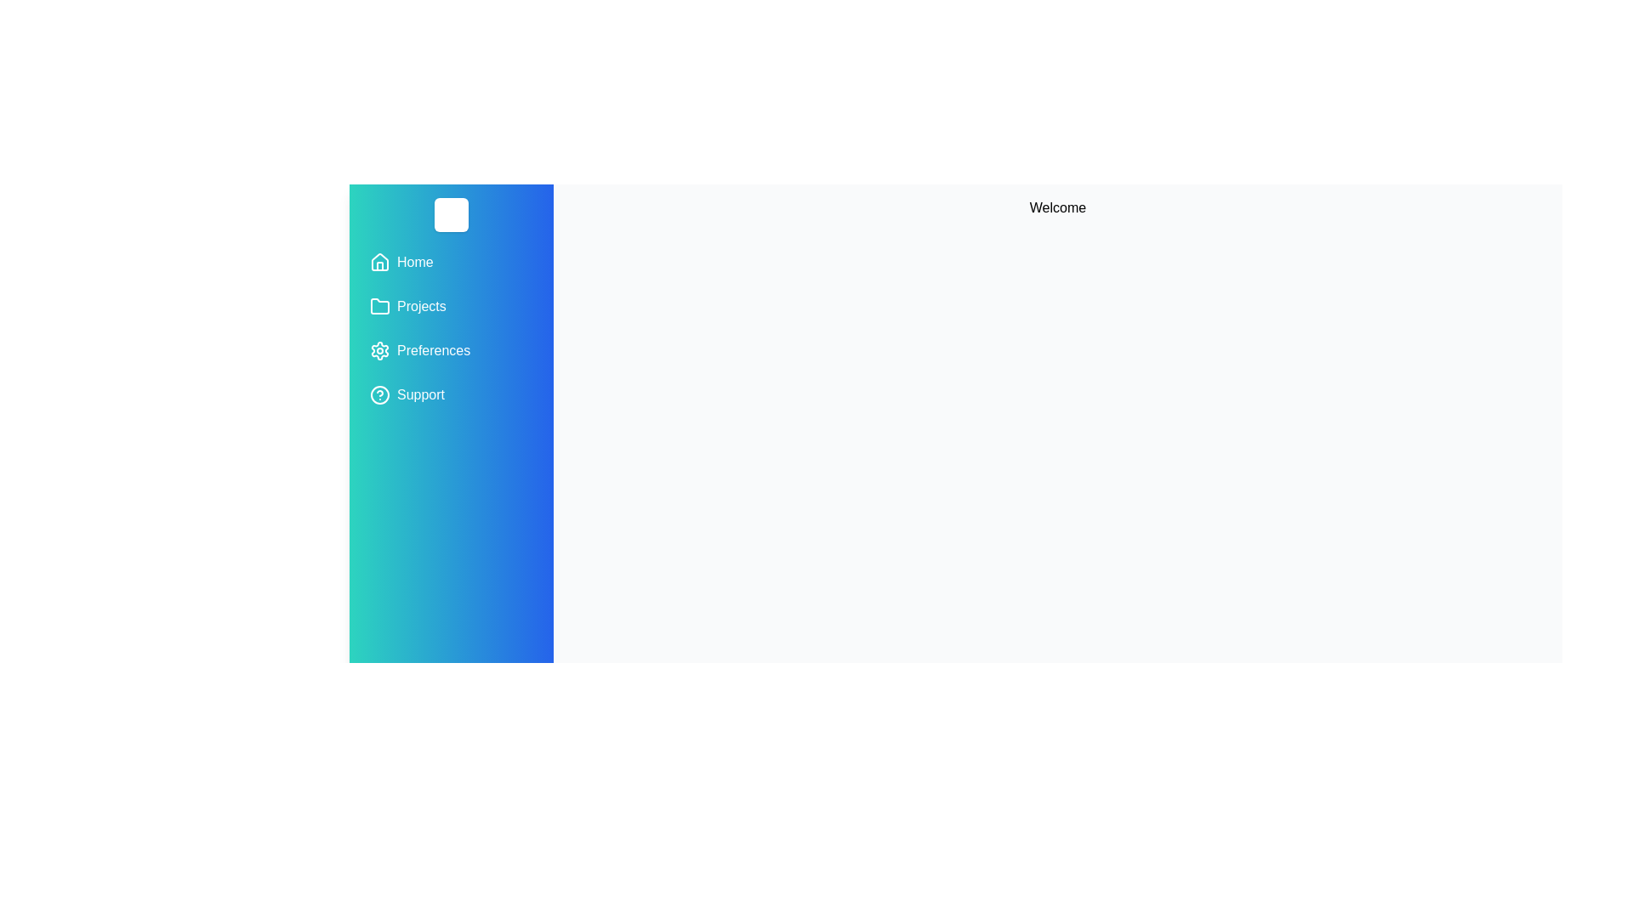 This screenshot has width=1633, height=918. Describe the element at coordinates (452, 214) in the screenshot. I see `button to toggle the drawer visibility` at that location.